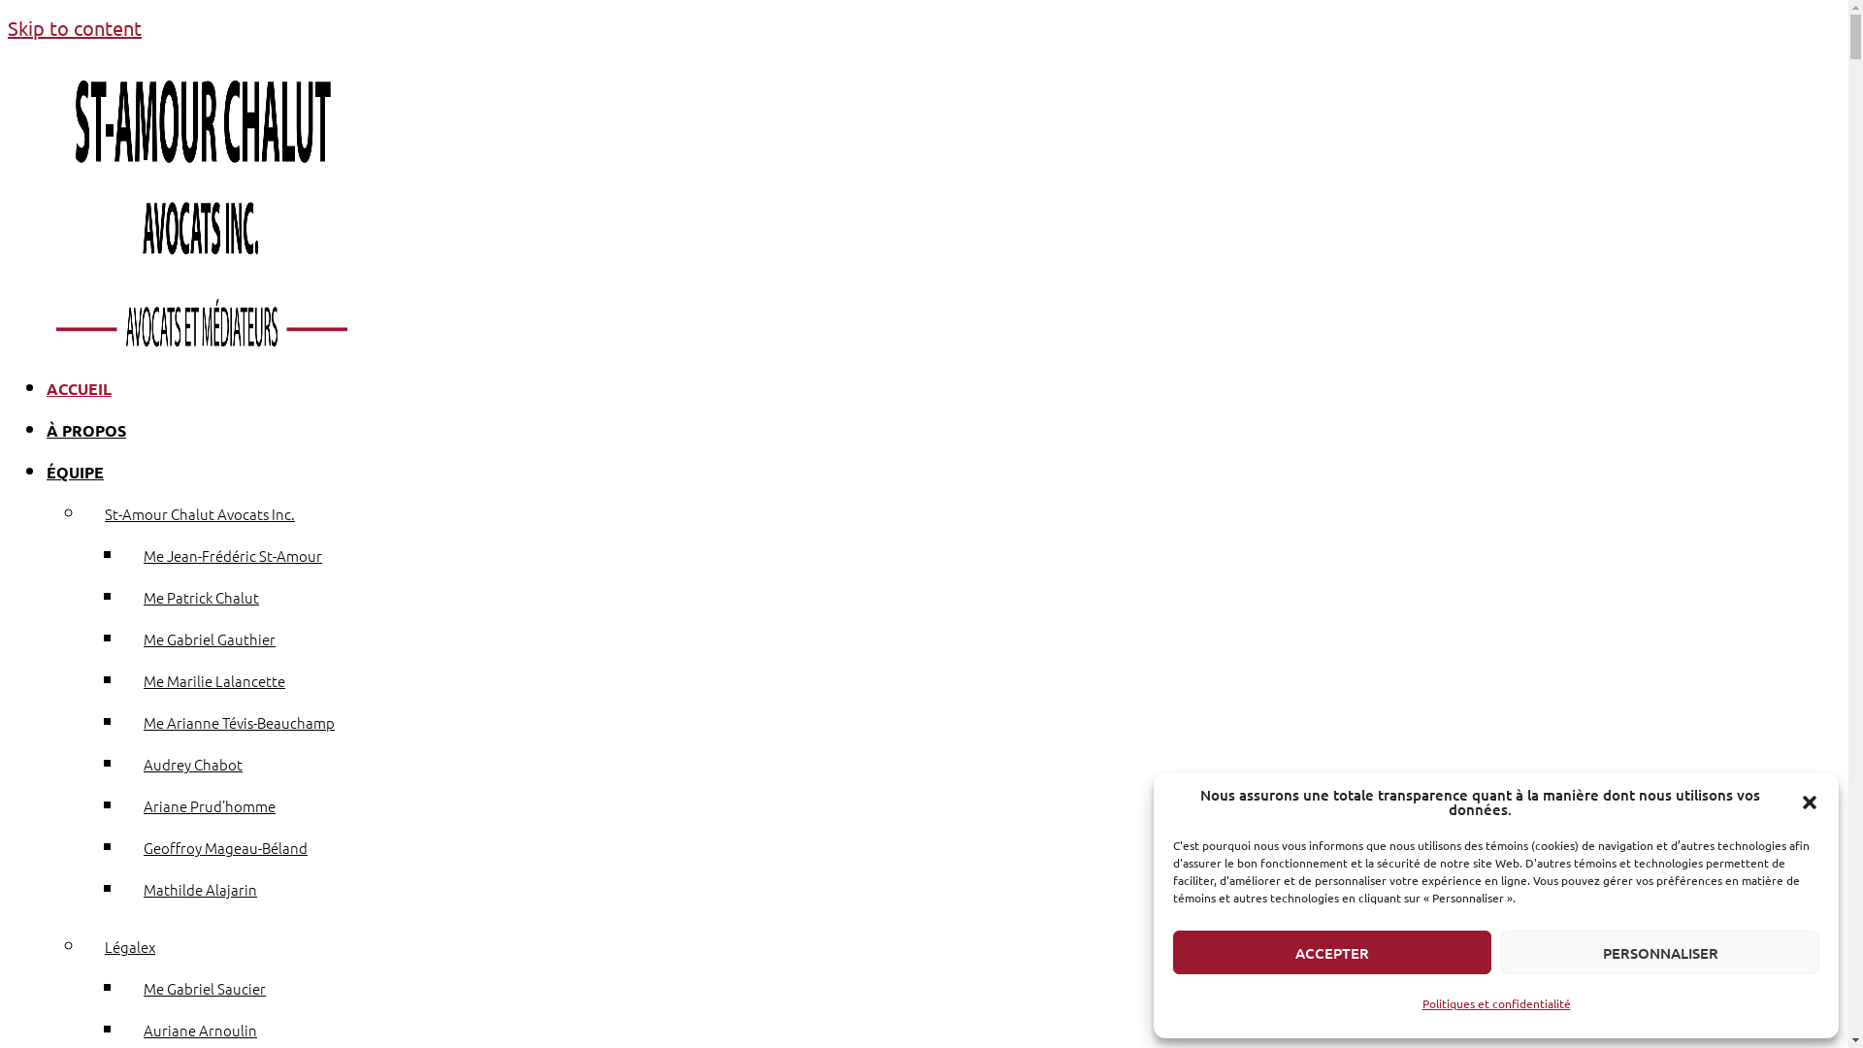 The width and height of the screenshot is (1863, 1048). I want to click on 'Me Patrick Chalut', so click(201, 596).